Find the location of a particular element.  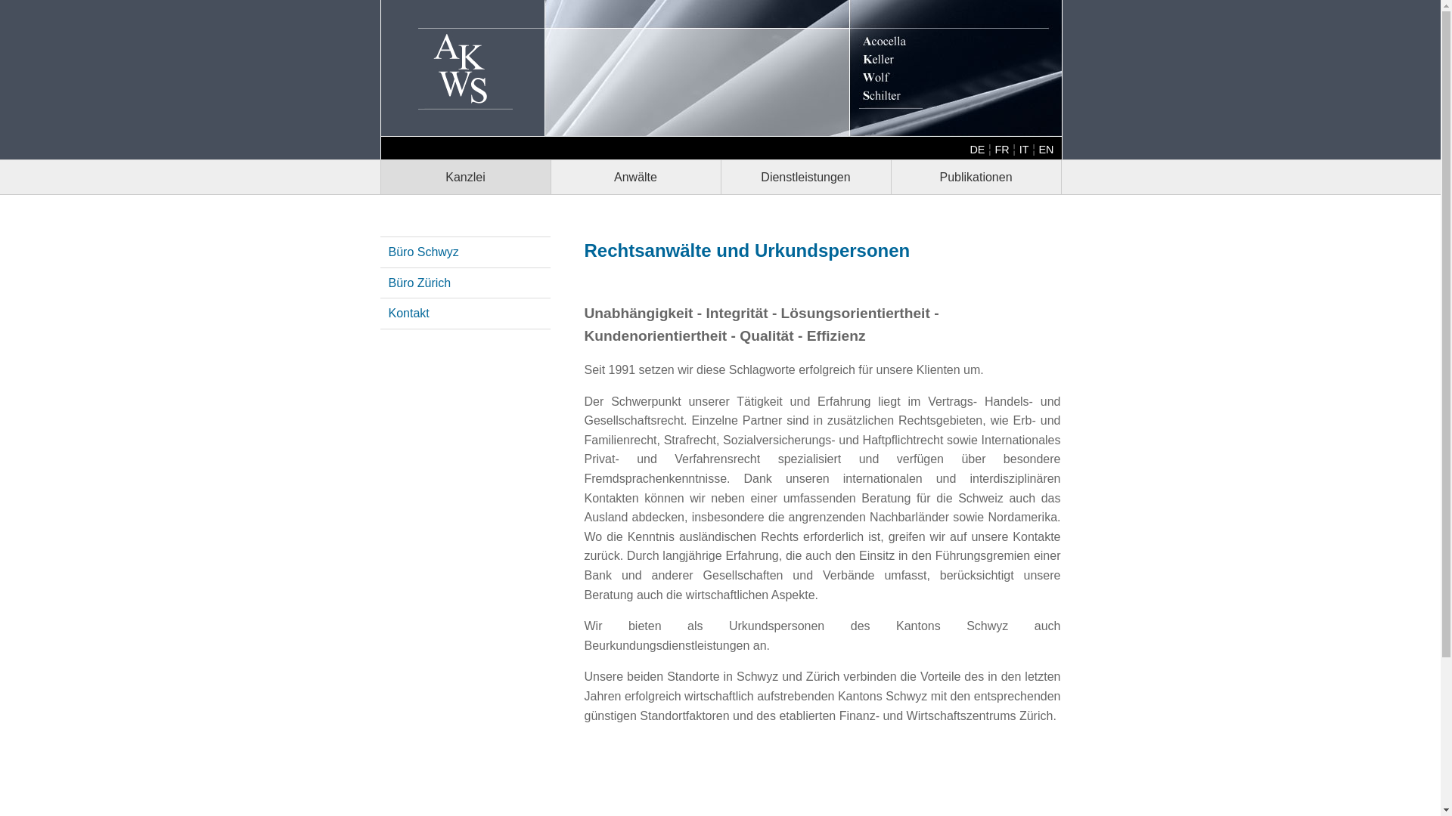

'Kanzlei' is located at coordinates (381, 177).